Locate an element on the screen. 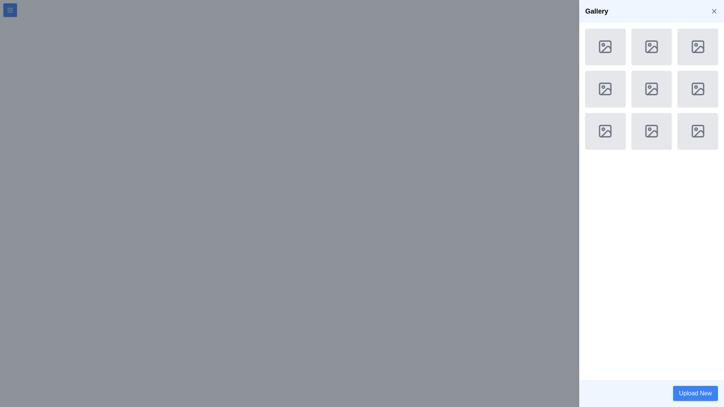 This screenshot has width=724, height=407. the Grid Item placeholder located in the first row, second column of the 3x3 tile layout, which is a square tile with rounded corners and a centered image icon is located at coordinates (651, 46).